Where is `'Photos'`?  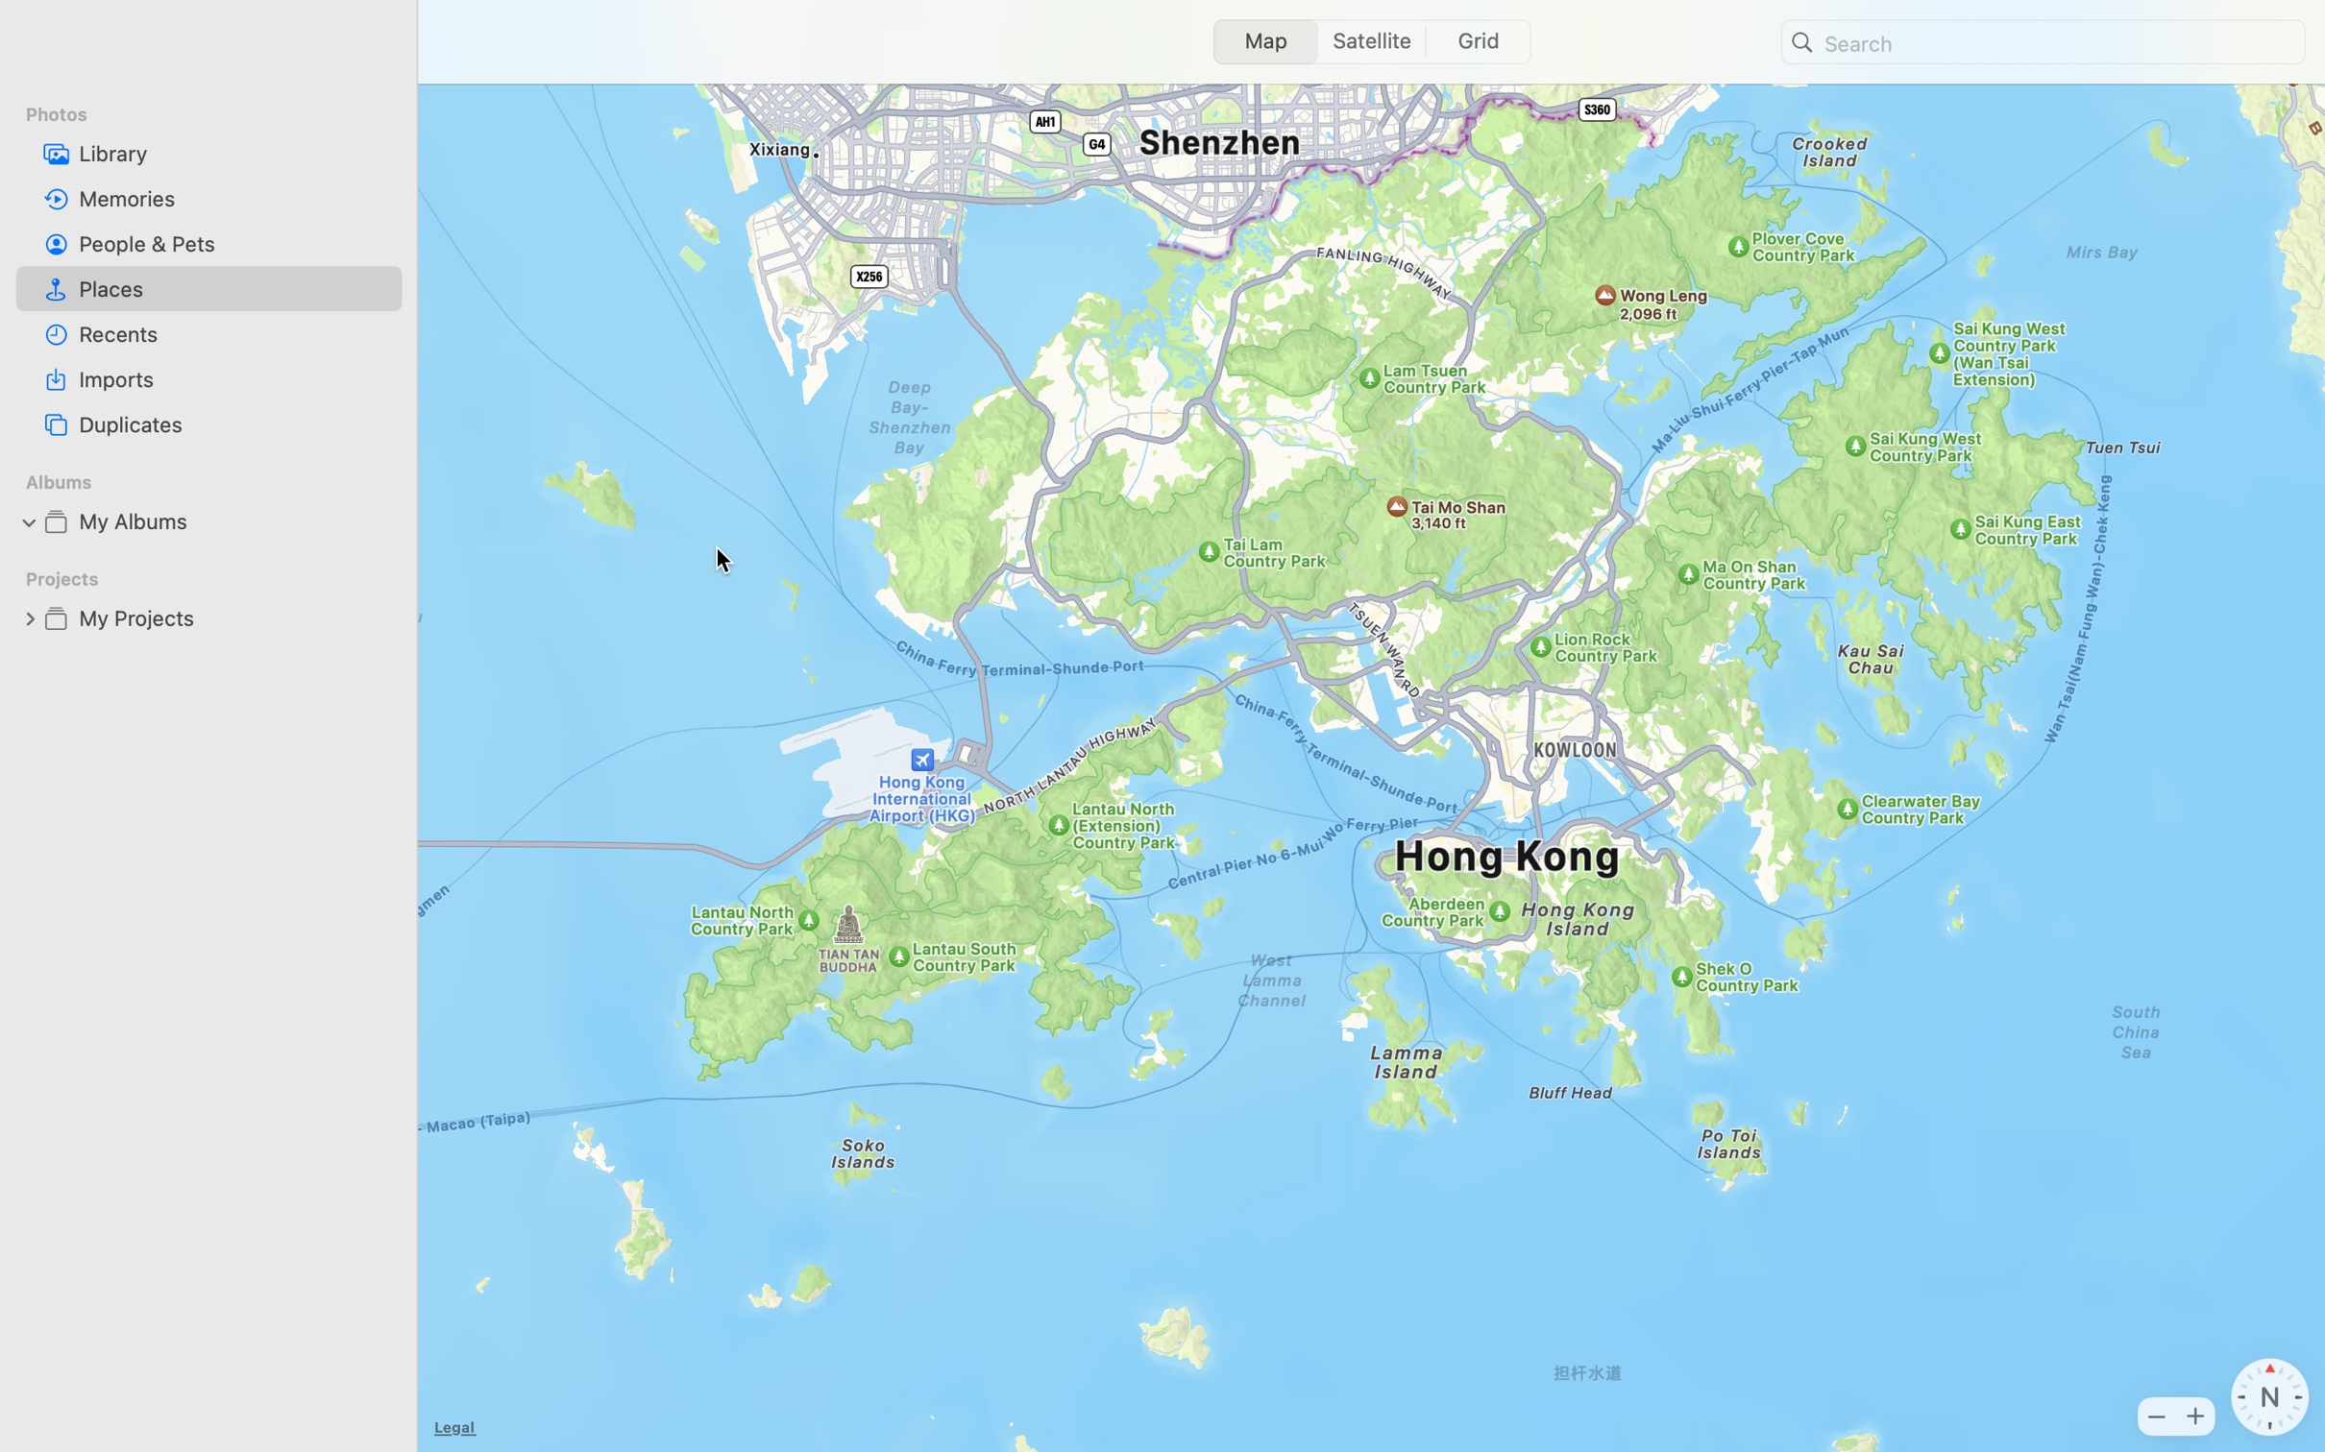
'Photos' is located at coordinates (219, 113).